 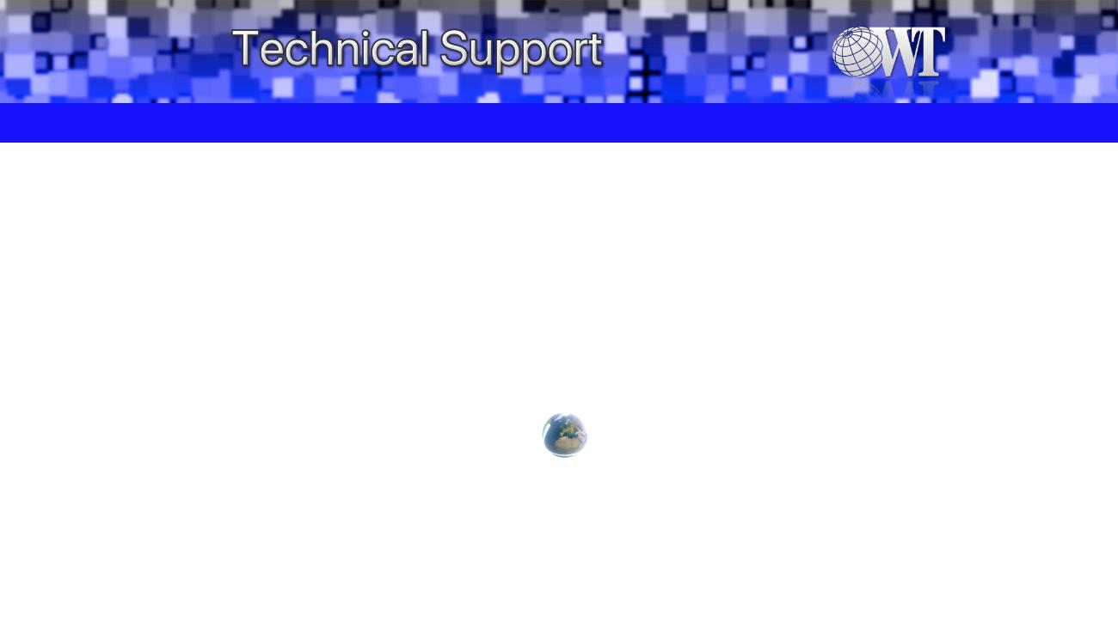 What do you see at coordinates (465, 121) in the screenshot?
I see `'Other'` at bounding box center [465, 121].